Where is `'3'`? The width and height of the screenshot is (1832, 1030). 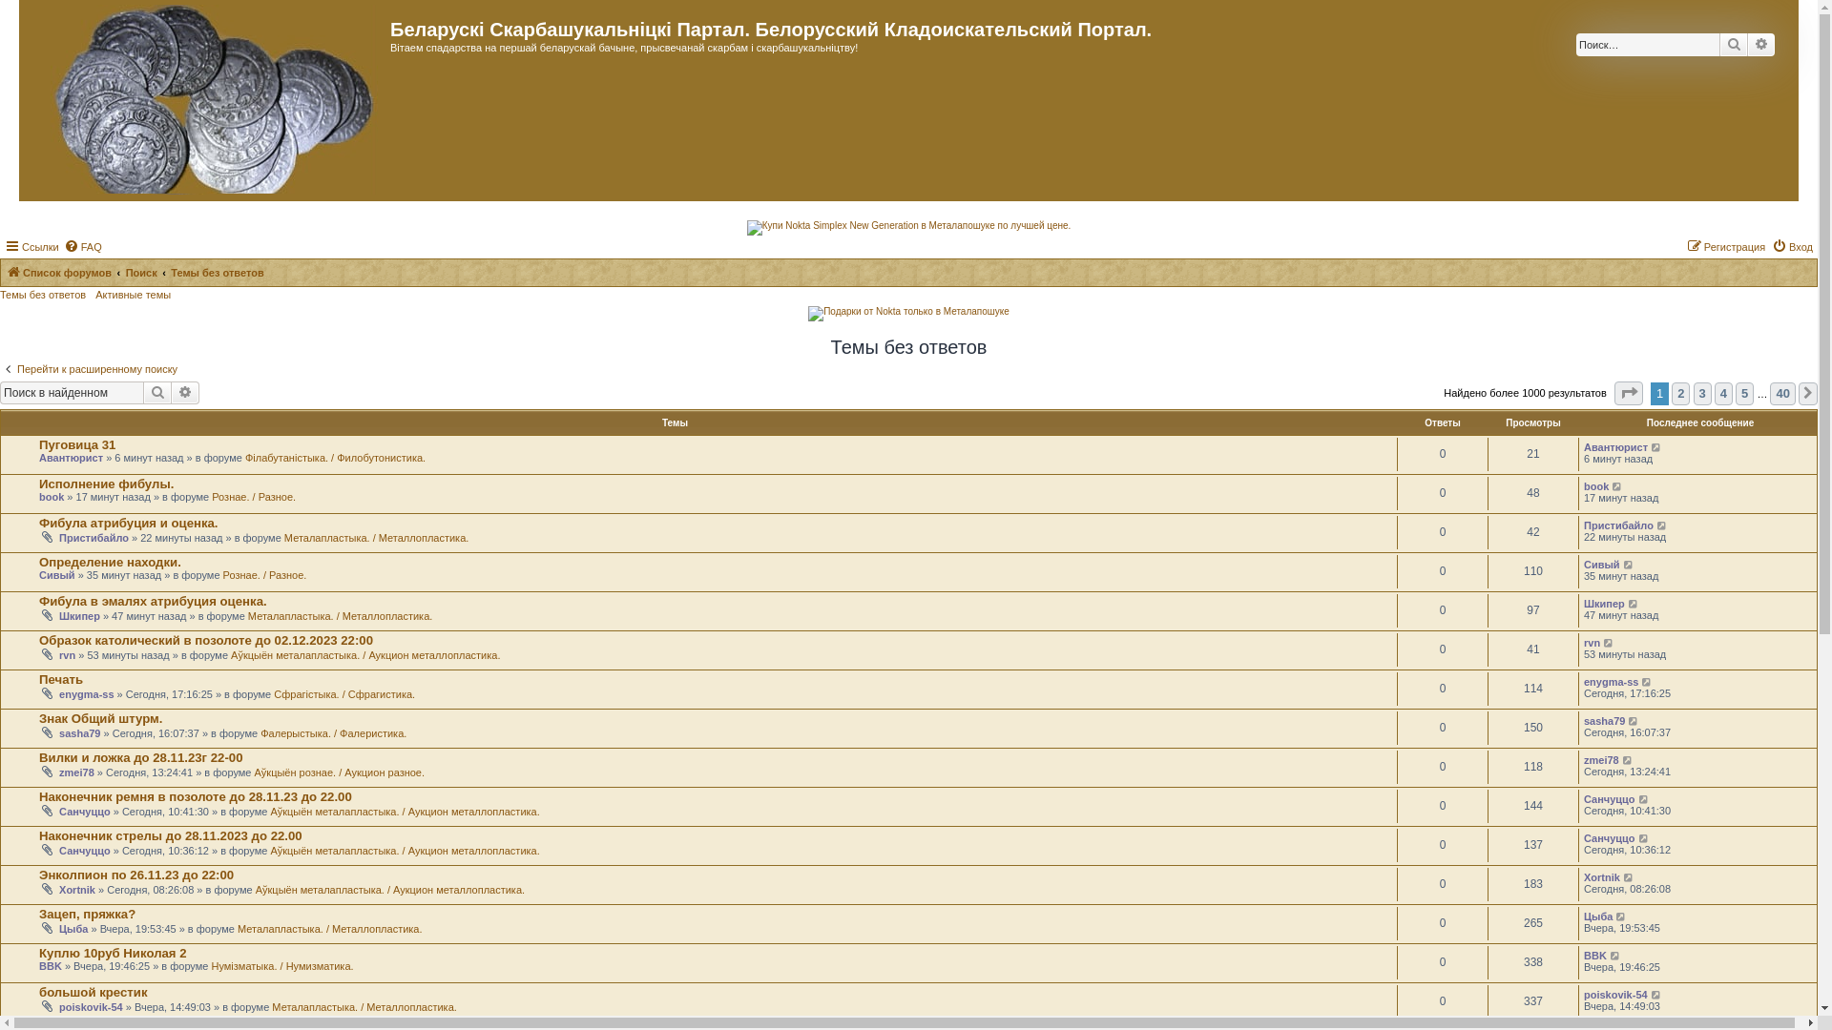 '3' is located at coordinates (1694, 392).